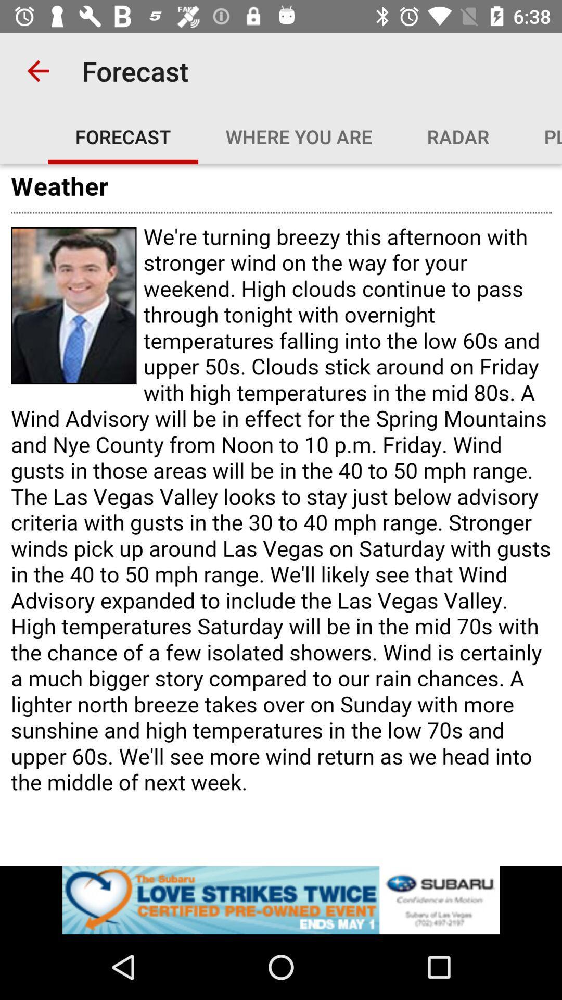  What do you see at coordinates (281, 899) in the screenshot?
I see `see this advertising` at bounding box center [281, 899].